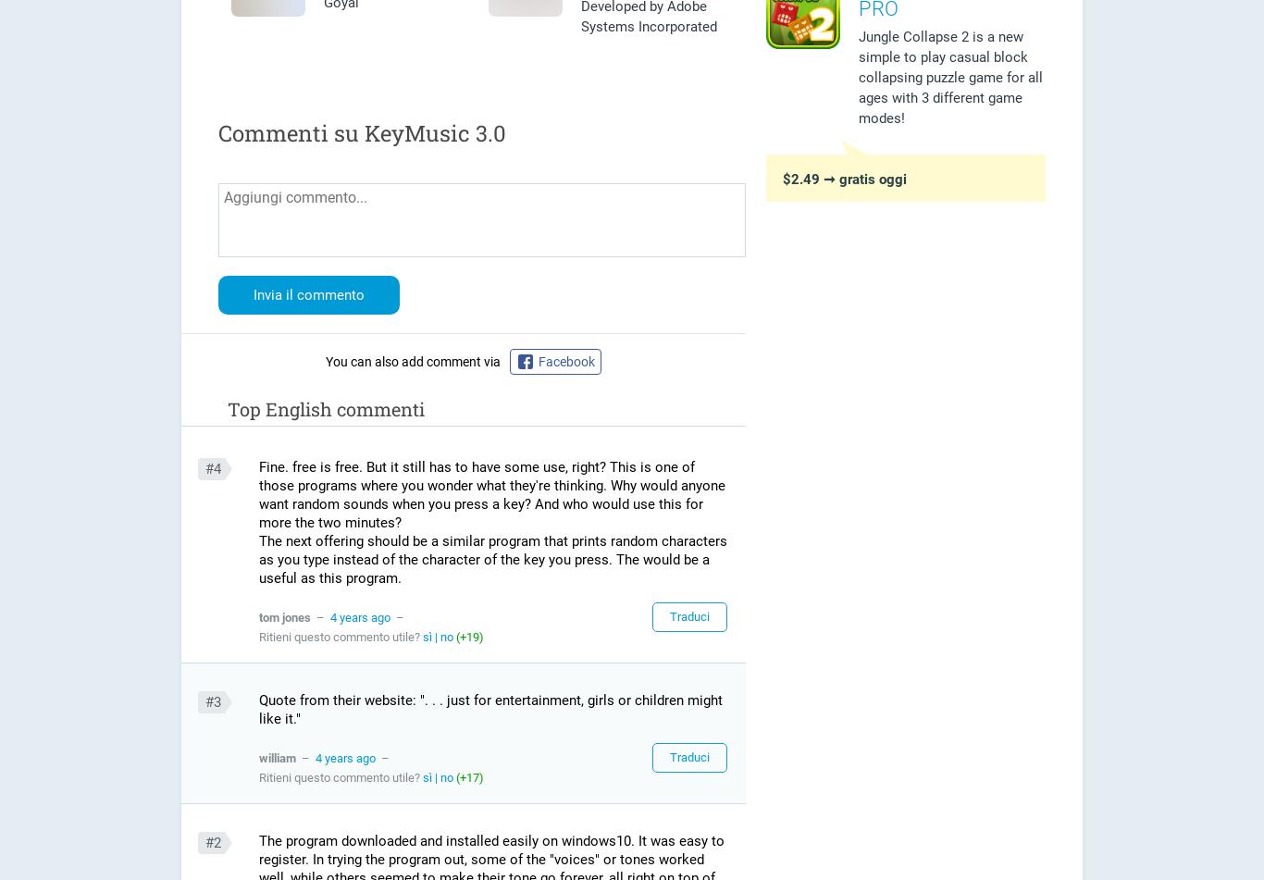 This screenshot has width=1264, height=880. What do you see at coordinates (377, 409) in the screenshot?
I see `'commenti'` at bounding box center [377, 409].